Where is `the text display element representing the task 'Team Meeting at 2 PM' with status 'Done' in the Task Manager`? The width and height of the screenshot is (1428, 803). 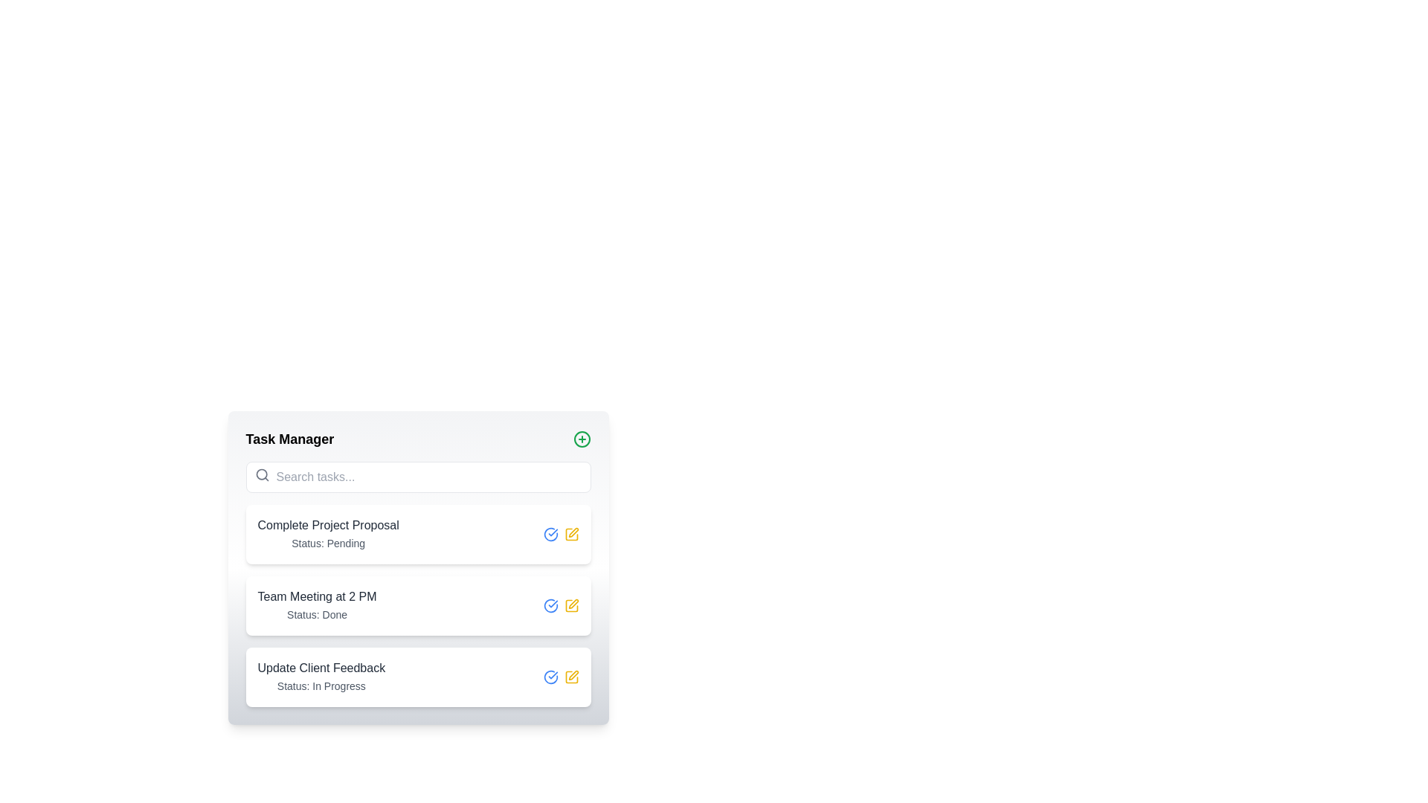
the text display element representing the task 'Team Meeting at 2 PM' with status 'Done' in the Task Manager is located at coordinates (316, 605).